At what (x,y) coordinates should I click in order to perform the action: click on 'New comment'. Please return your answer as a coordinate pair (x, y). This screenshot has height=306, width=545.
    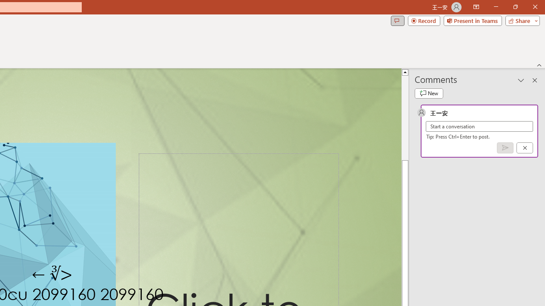
    Looking at the image, I should click on (429, 93).